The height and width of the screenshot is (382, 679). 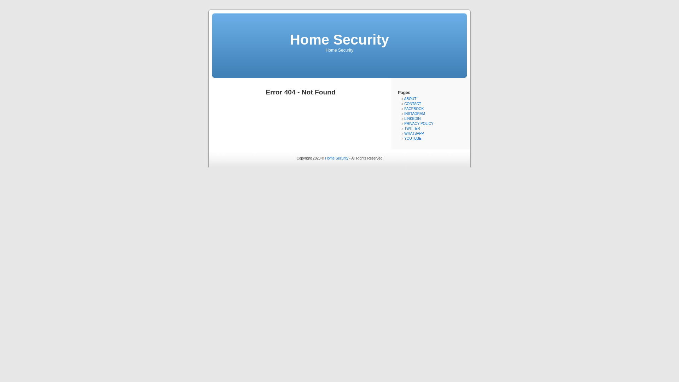 I want to click on 'PRIVACY POLICY', so click(x=404, y=123).